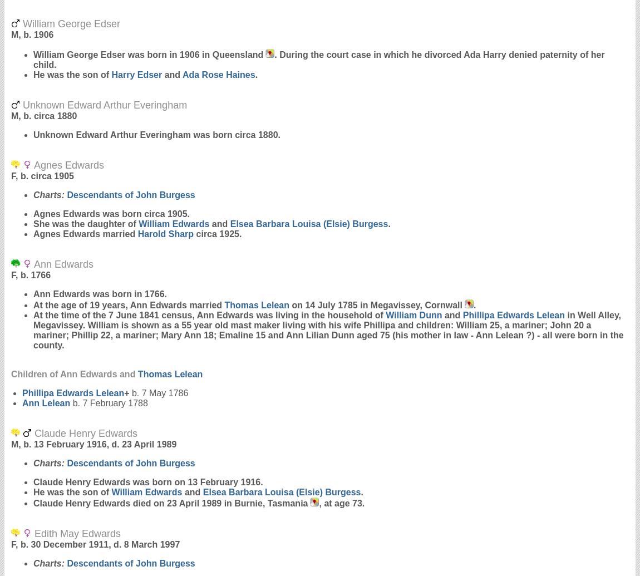 The height and width of the screenshot is (576, 640). I want to click on 'Agnes Edwards married', so click(85, 234).